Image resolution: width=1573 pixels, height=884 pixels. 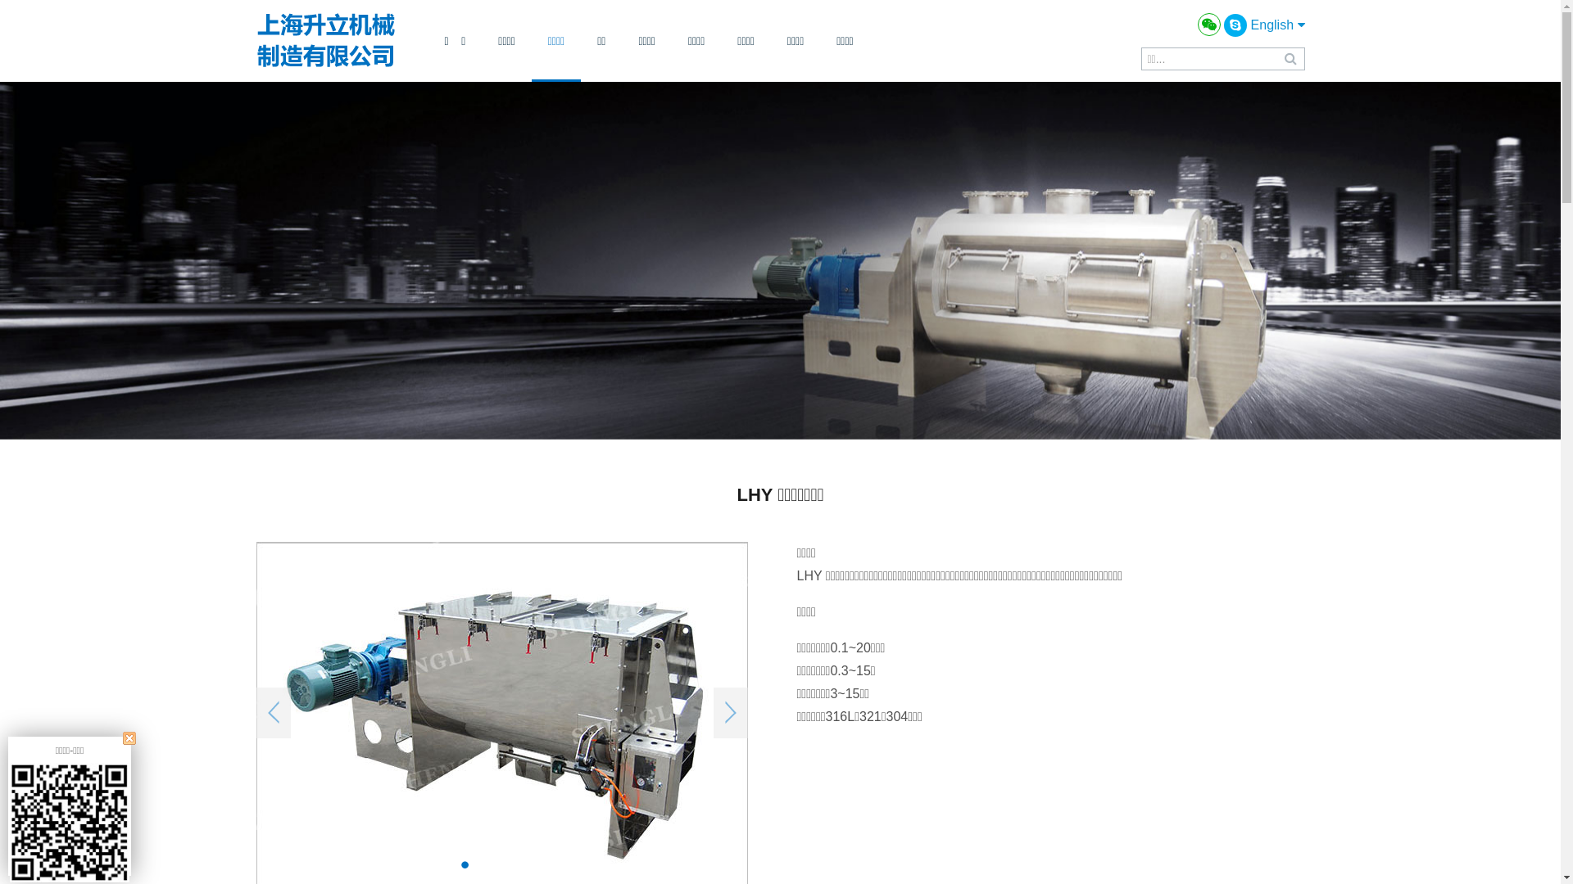 I want to click on '1', so click(x=464, y=864).